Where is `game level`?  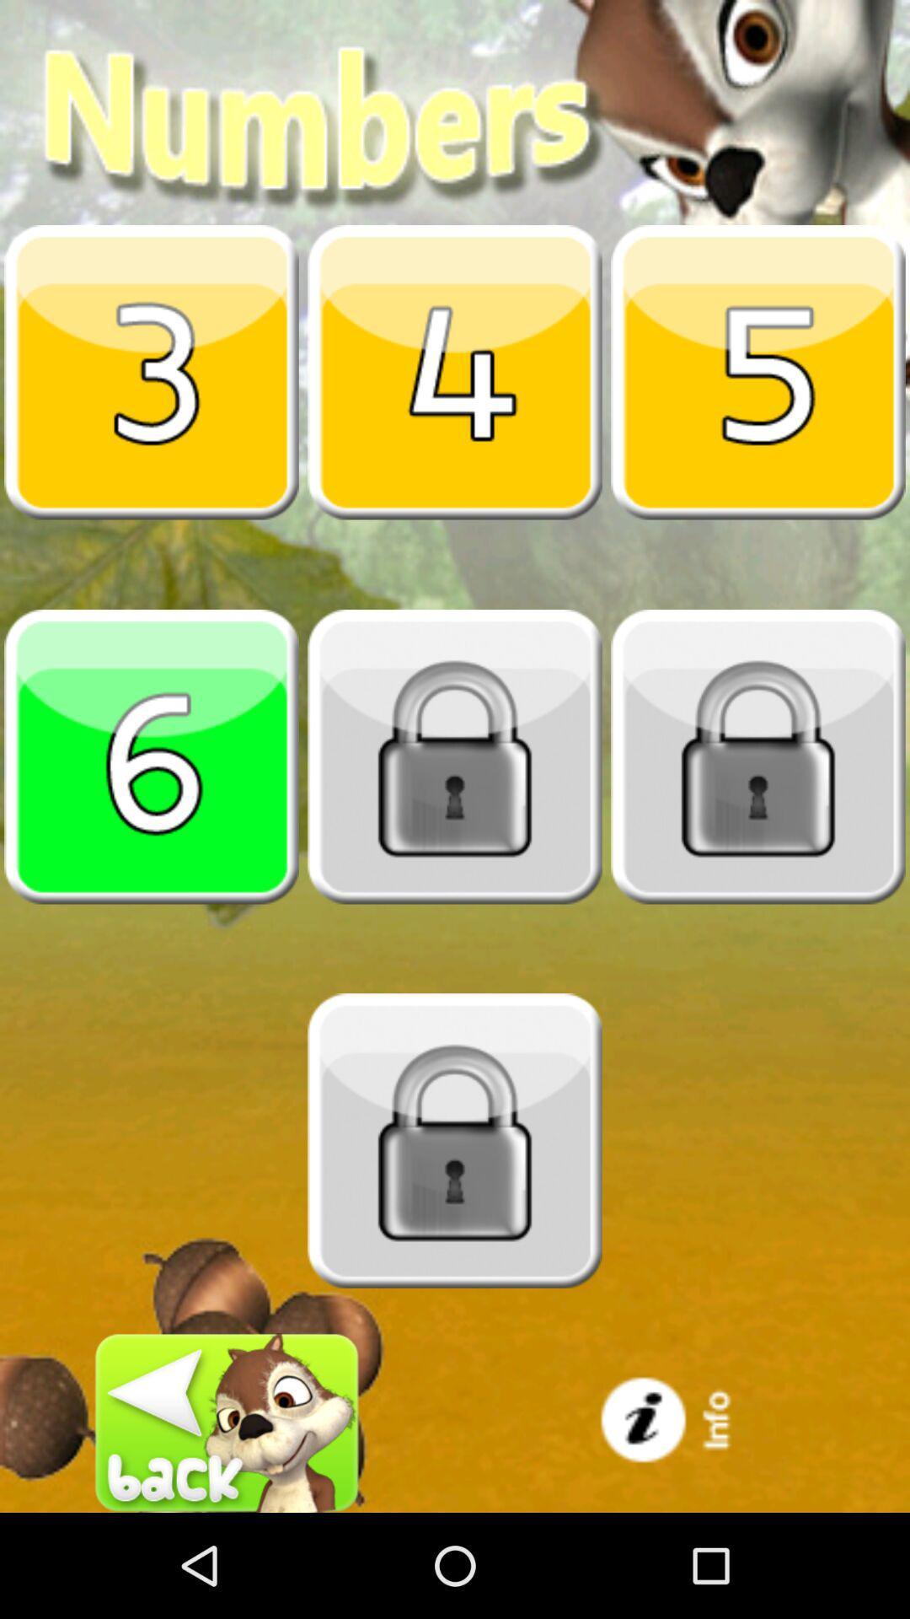 game level is located at coordinates (152, 756).